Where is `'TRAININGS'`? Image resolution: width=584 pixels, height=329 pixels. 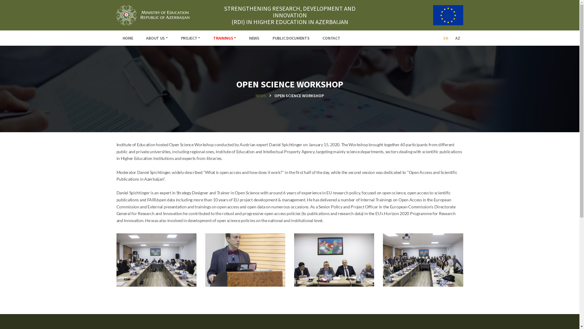 'TRAININGS' is located at coordinates (224, 38).